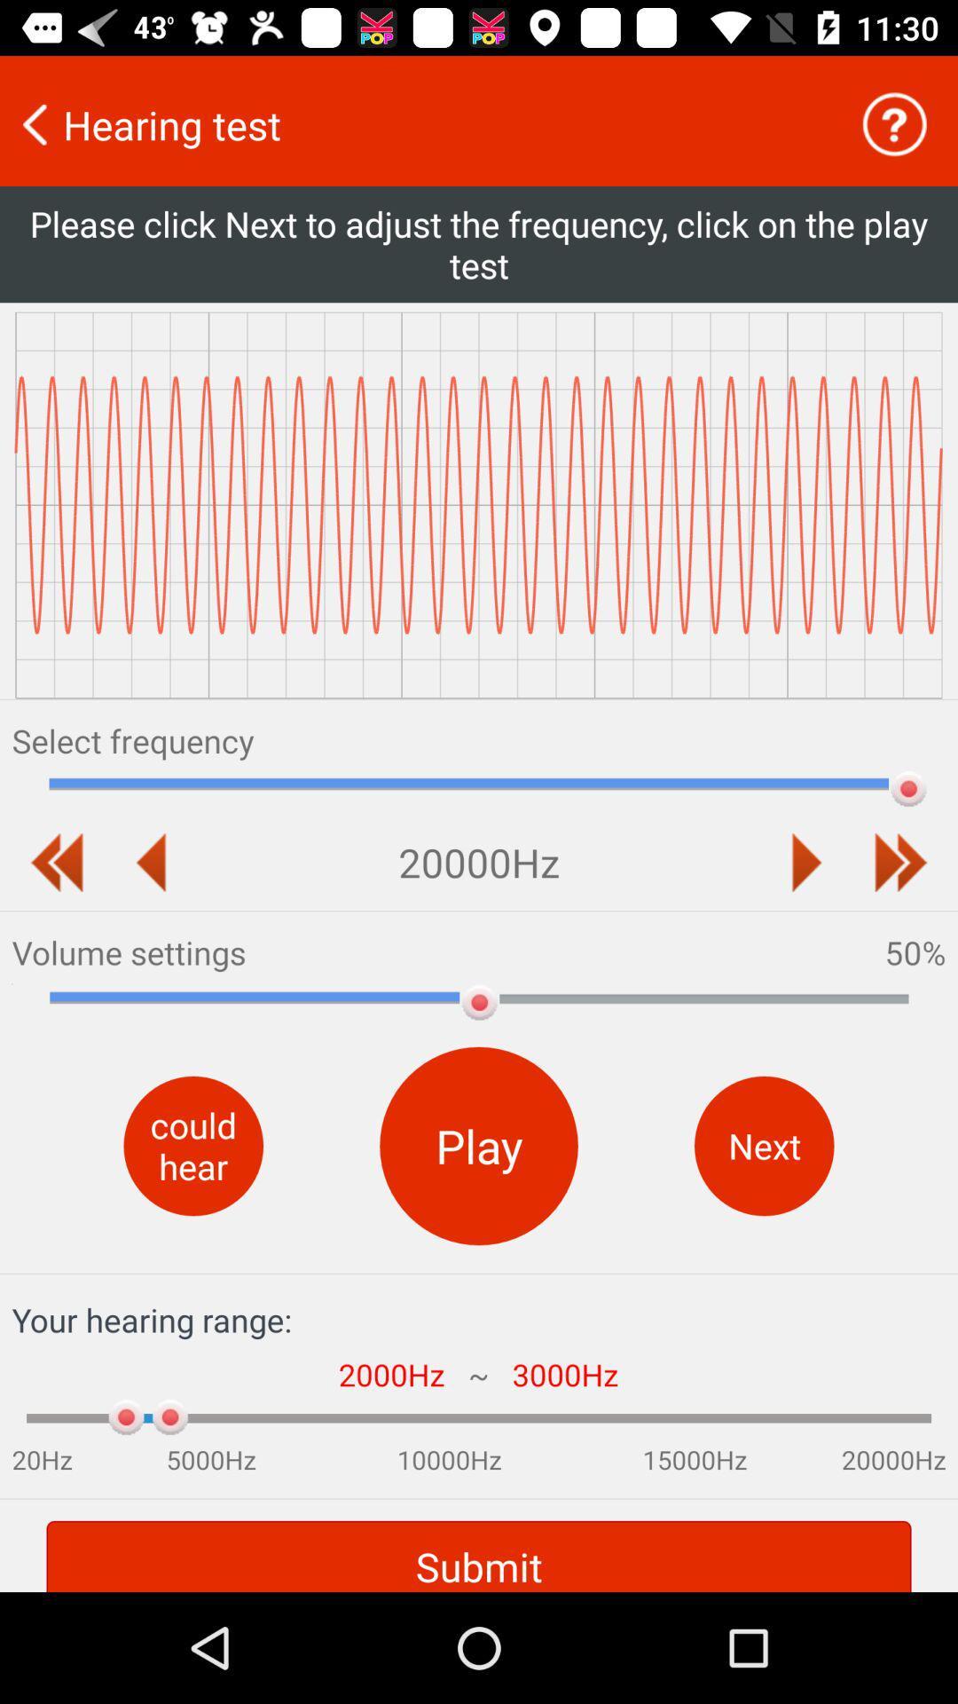 The height and width of the screenshot is (1704, 958). What do you see at coordinates (56, 862) in the screenshot?
I see `to rewind` at bounding box center [56, 862].